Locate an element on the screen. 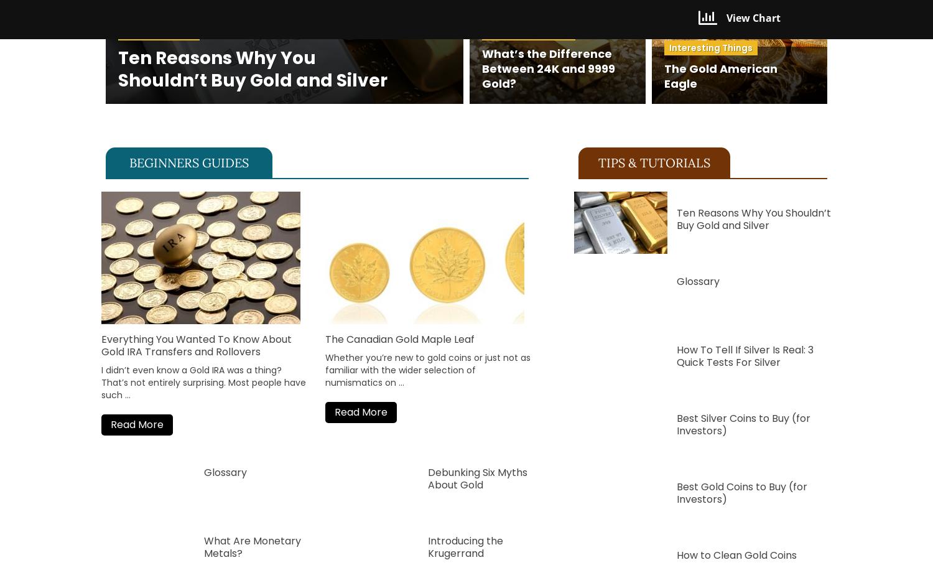  'Best Silver Coins to Buy (for Investors)' is located at coordinates (675, 423).